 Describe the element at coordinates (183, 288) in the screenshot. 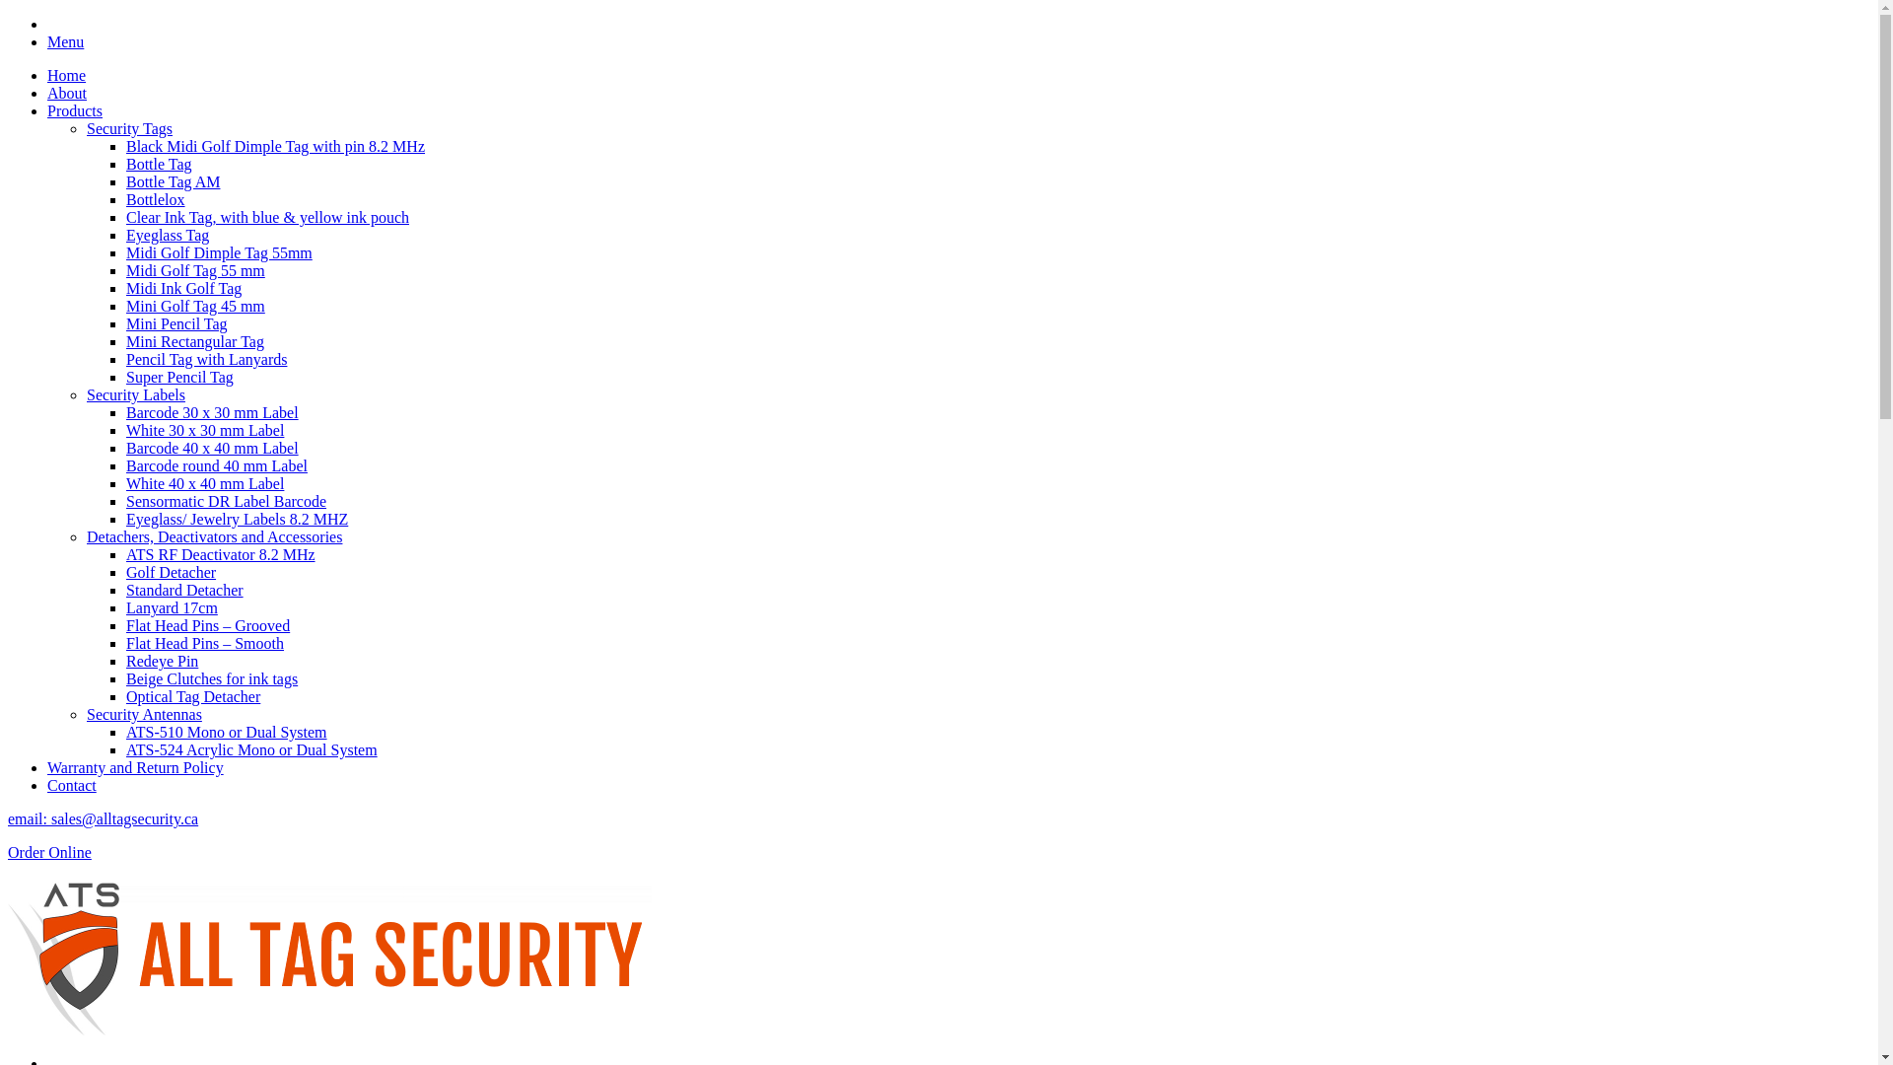

I see `'Midi Ink Golf Tag'` at that location.